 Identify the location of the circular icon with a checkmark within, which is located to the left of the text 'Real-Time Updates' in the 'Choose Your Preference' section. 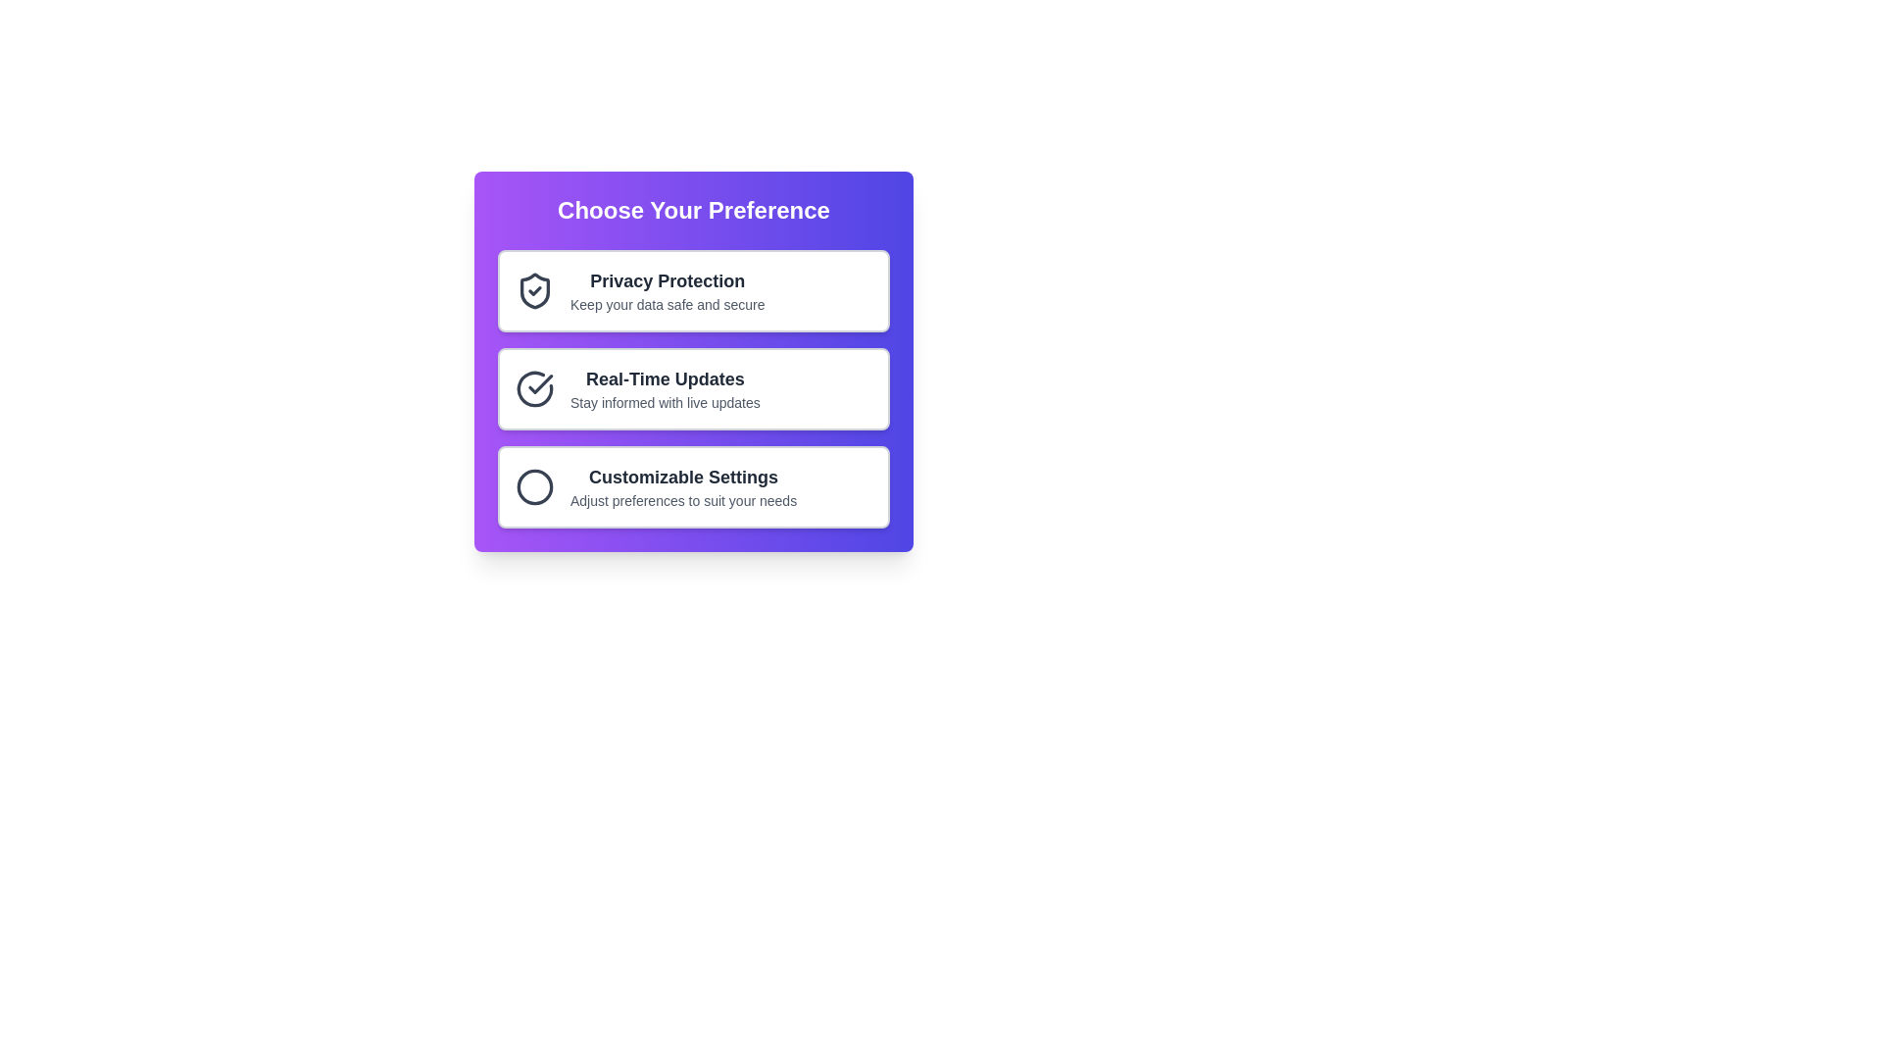
(535, 389).